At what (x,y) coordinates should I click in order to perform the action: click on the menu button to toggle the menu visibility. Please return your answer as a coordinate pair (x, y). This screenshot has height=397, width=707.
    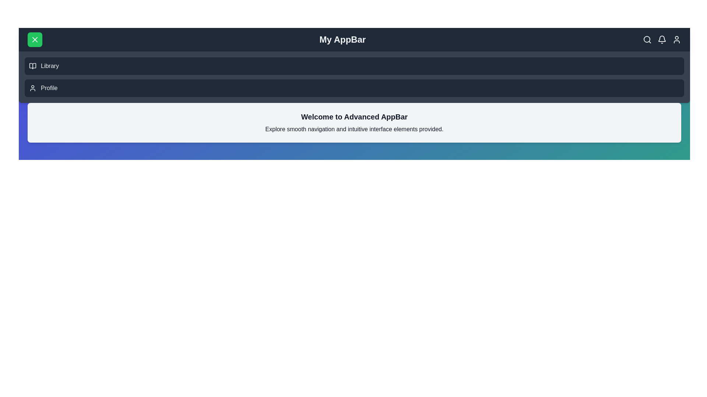
    Looking at the image, I should click on (35, 40).